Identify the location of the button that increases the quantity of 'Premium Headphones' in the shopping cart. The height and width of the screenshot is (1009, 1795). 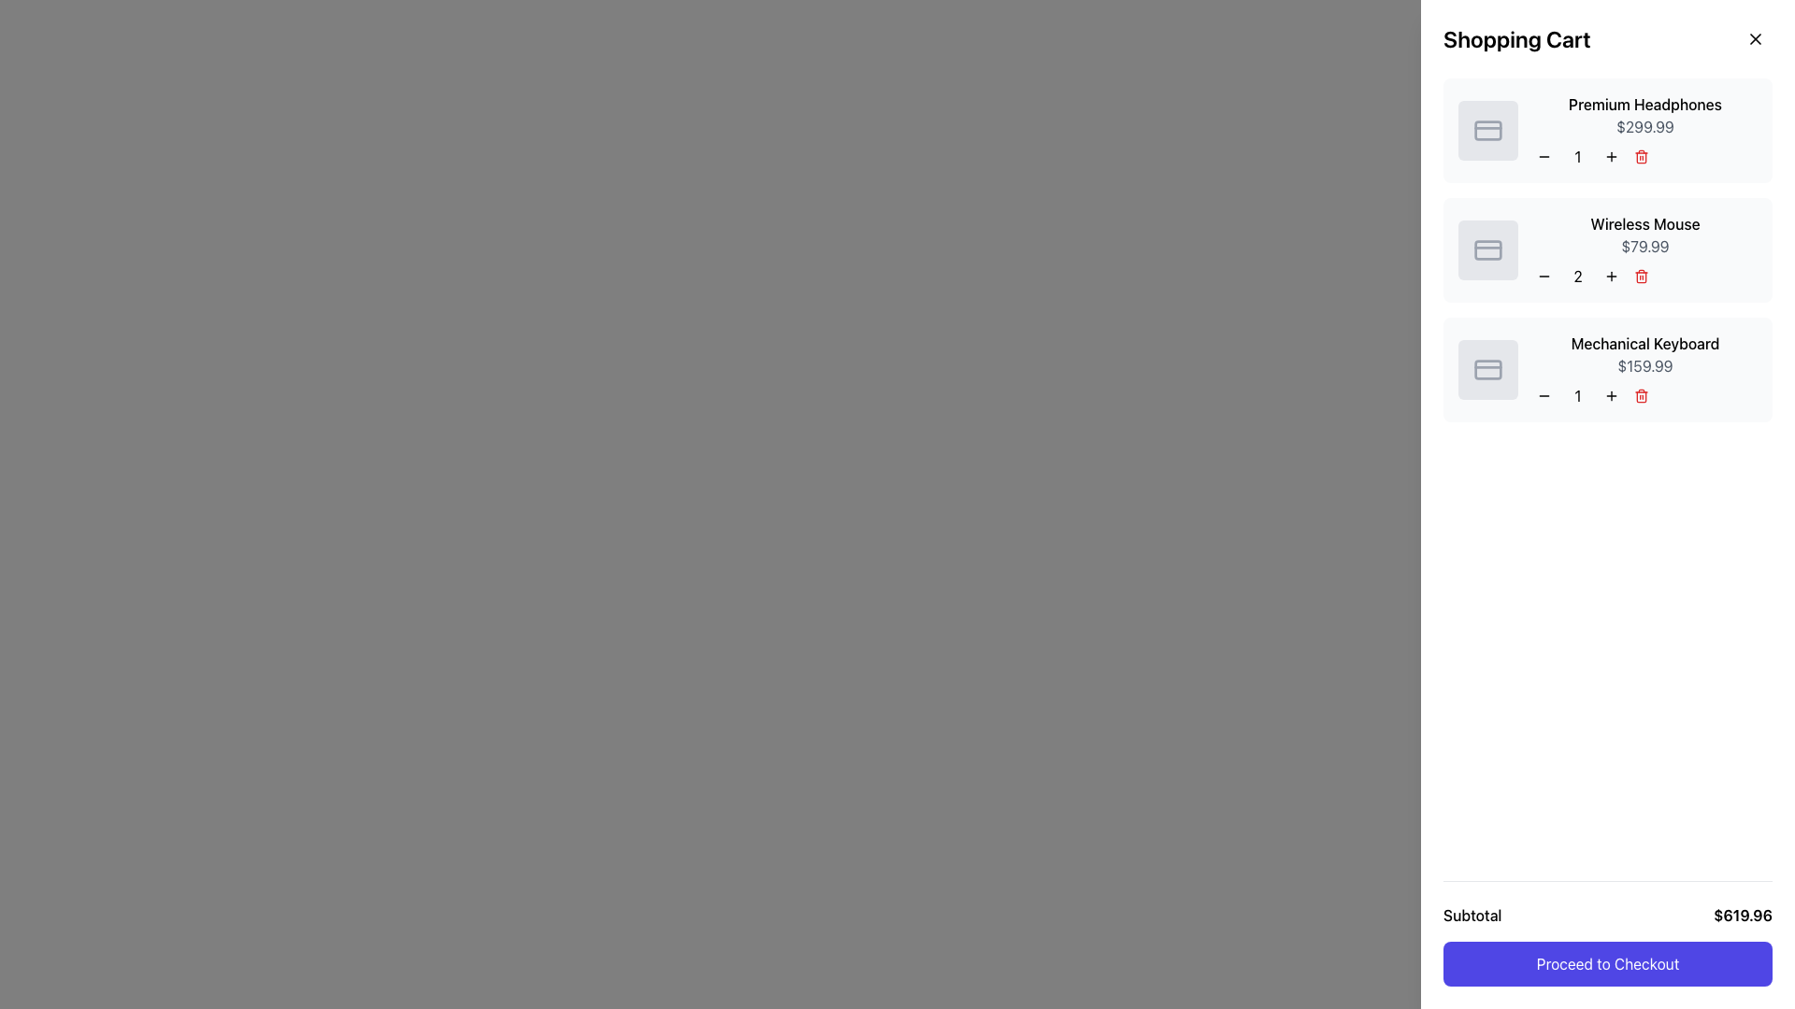
(1610, 156).